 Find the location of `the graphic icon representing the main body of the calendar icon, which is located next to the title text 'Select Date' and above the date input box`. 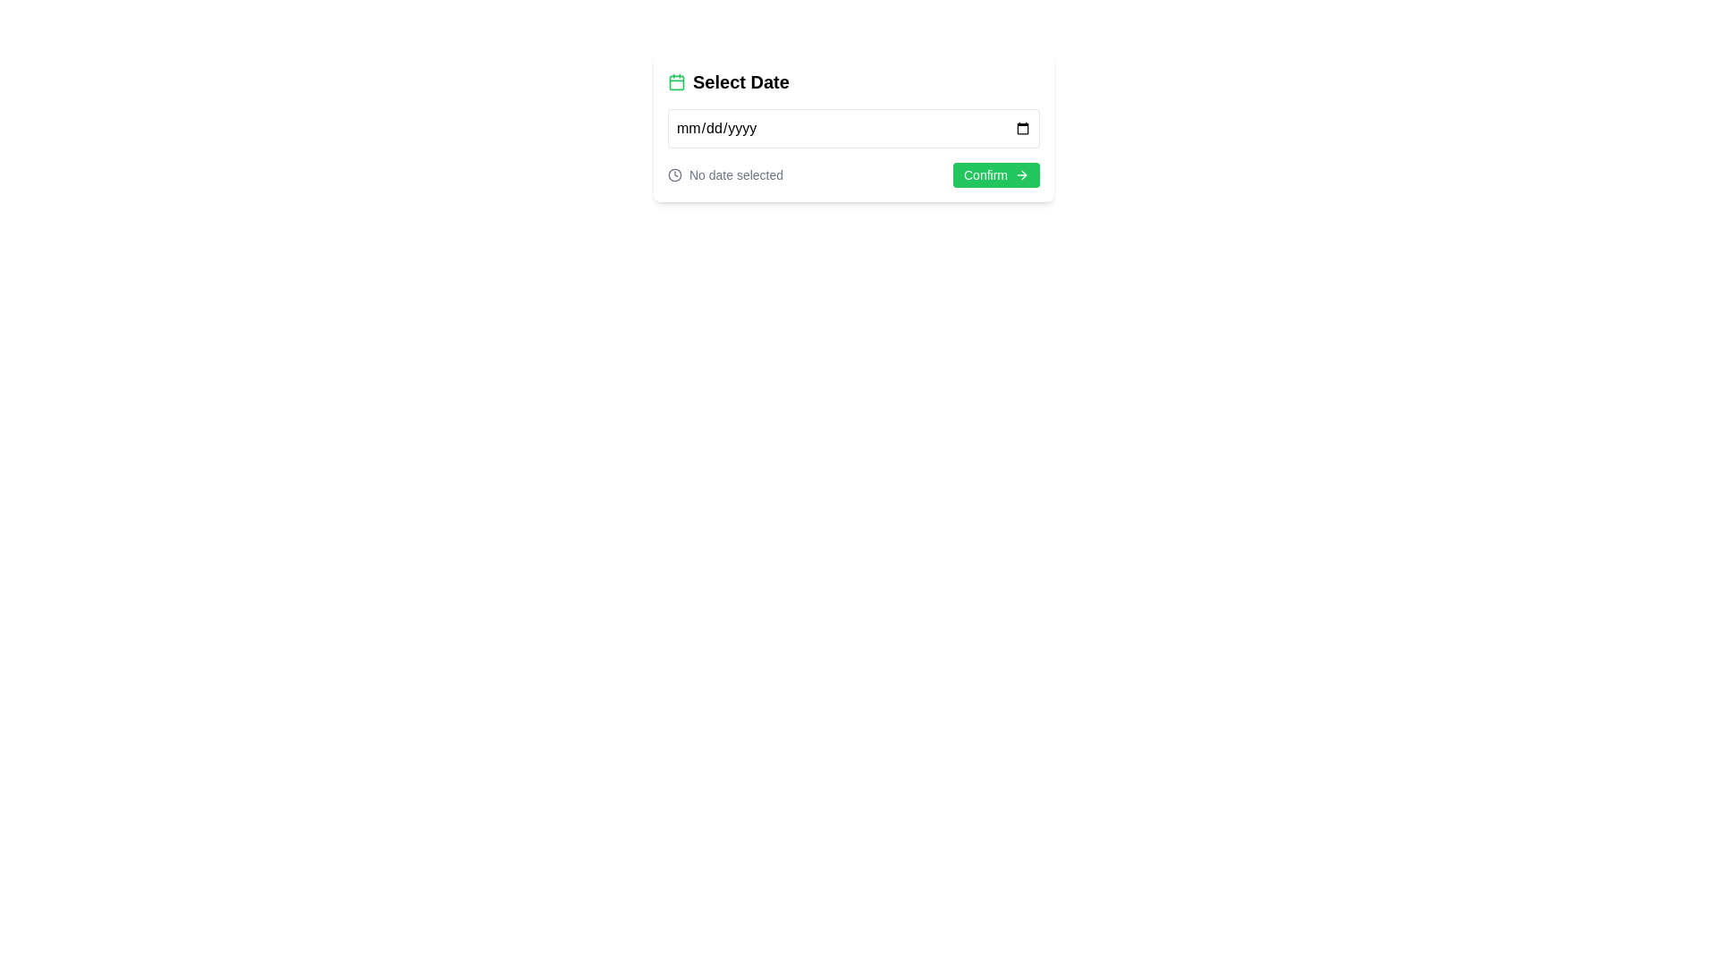

the graphic icon representing the main body of the calendar icon, which is located next to the title text 'Select Date' and above the date input box is located at coordinates (676, 82).